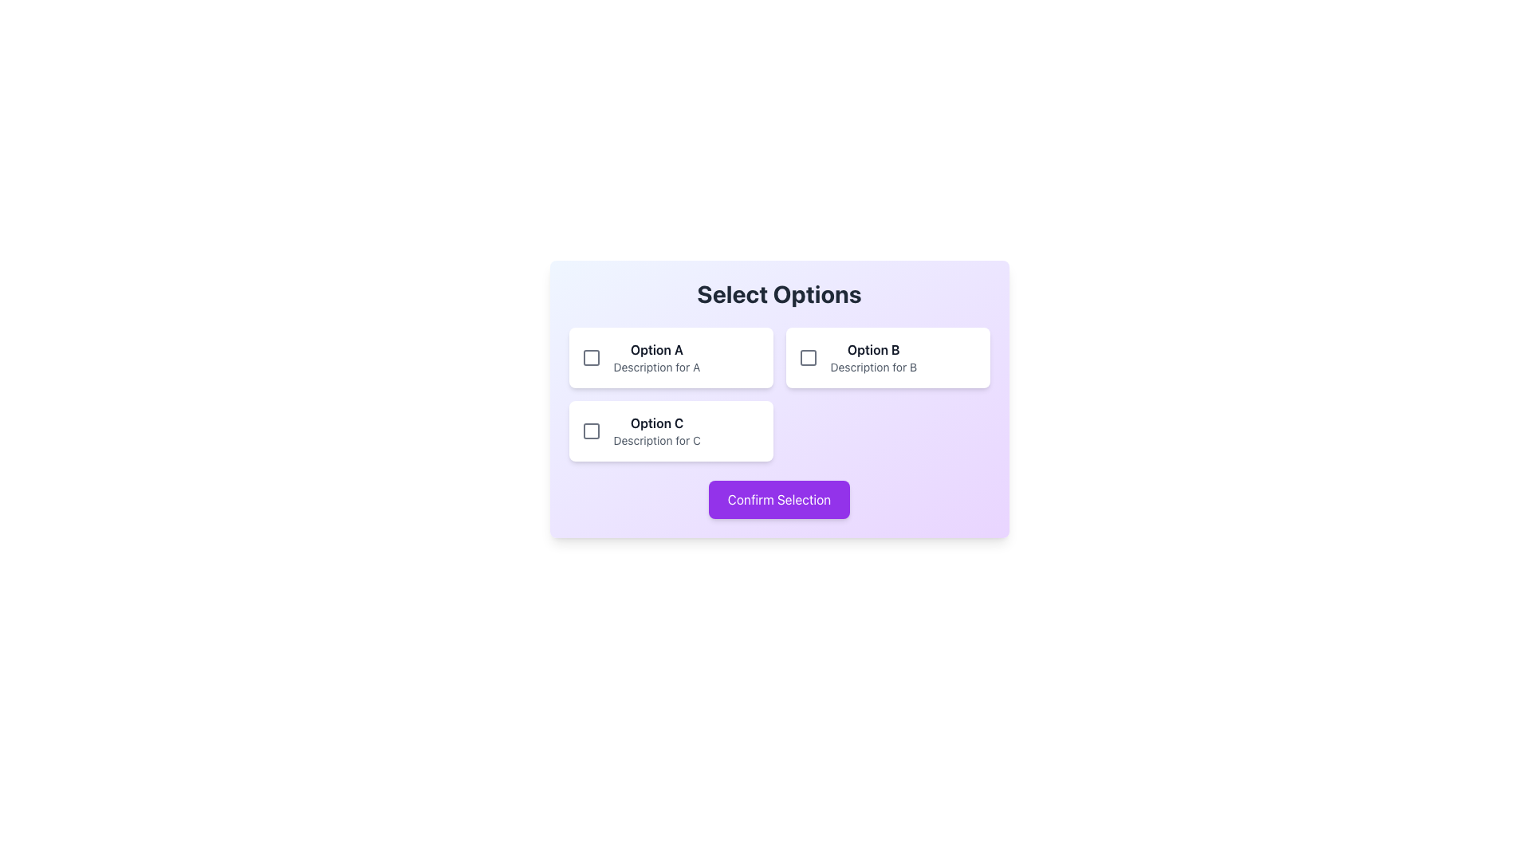  I want to click on the confirmation button located at the bottom of the 'Select Options' section to confirm the selections made from 'Option A', 'Option B', and 'Option C', so click(779, 499).